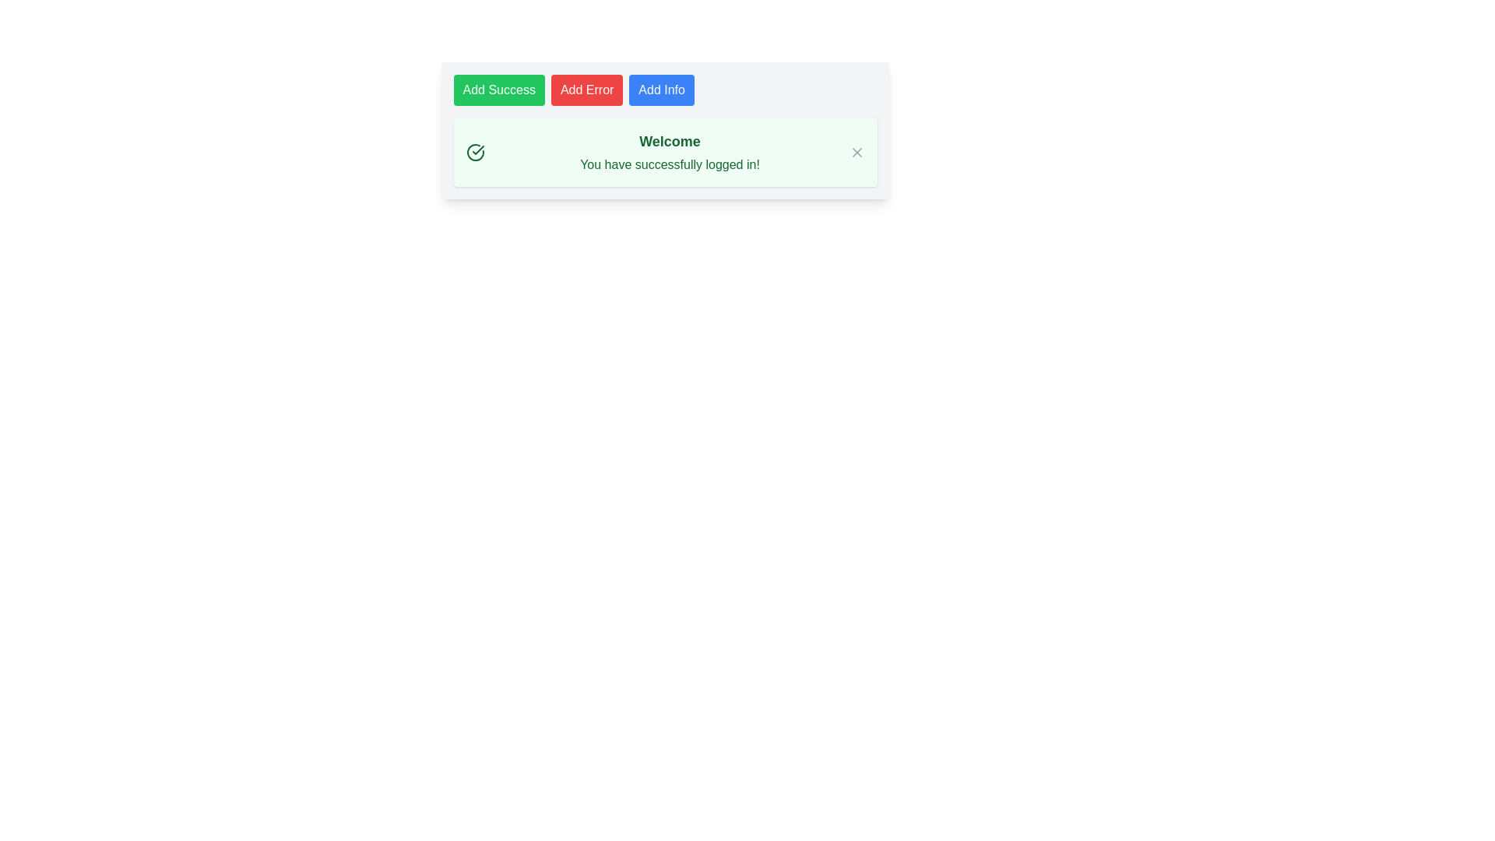  What do you see at coordinates (499, 90) in the screenshot?
I see `the 'Add Success' button, which is a green rectangular button with rounded corners located in the top-left portion of the button group, to observe its hover effects` at bounding box center [499, 90].